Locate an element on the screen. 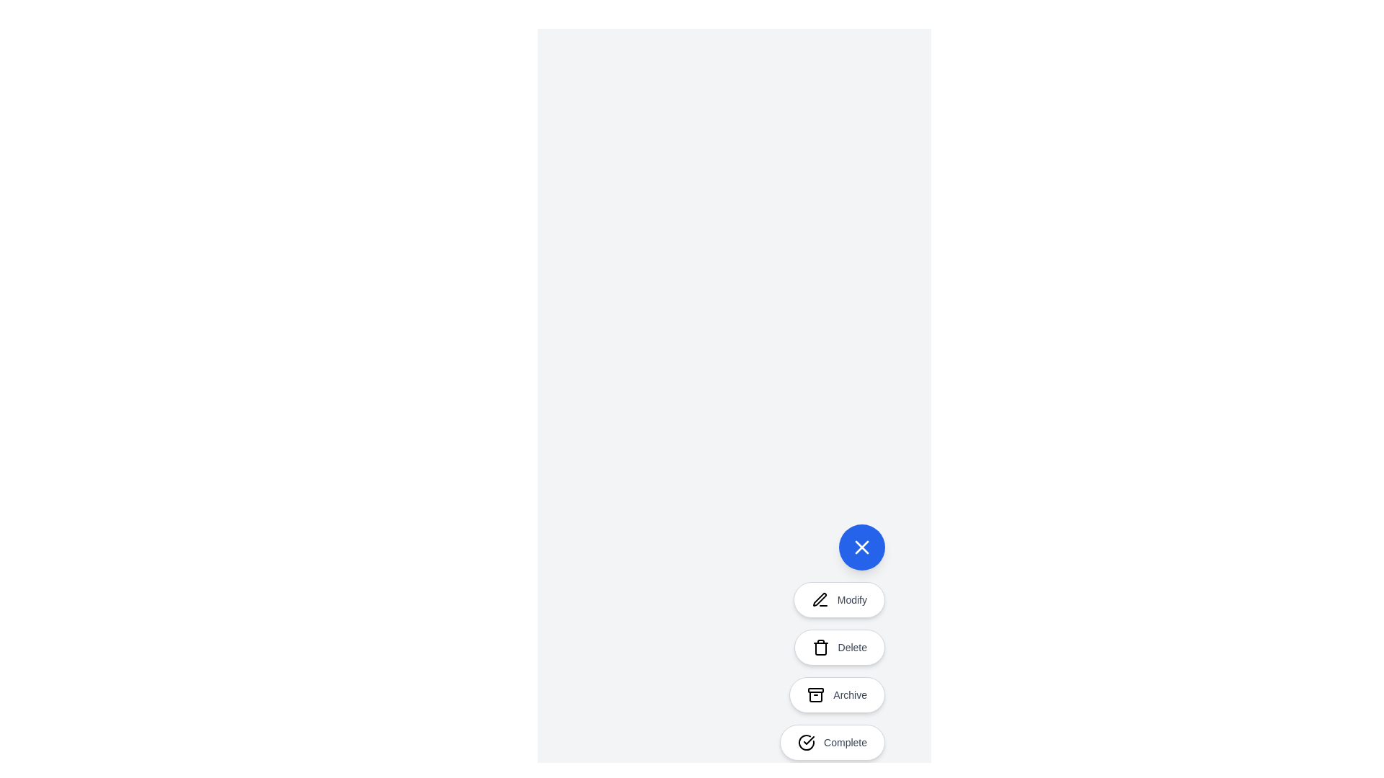 The image size is (1384, 778). the 'Archive' button to trigger its action is located at coordinates (837, 694).